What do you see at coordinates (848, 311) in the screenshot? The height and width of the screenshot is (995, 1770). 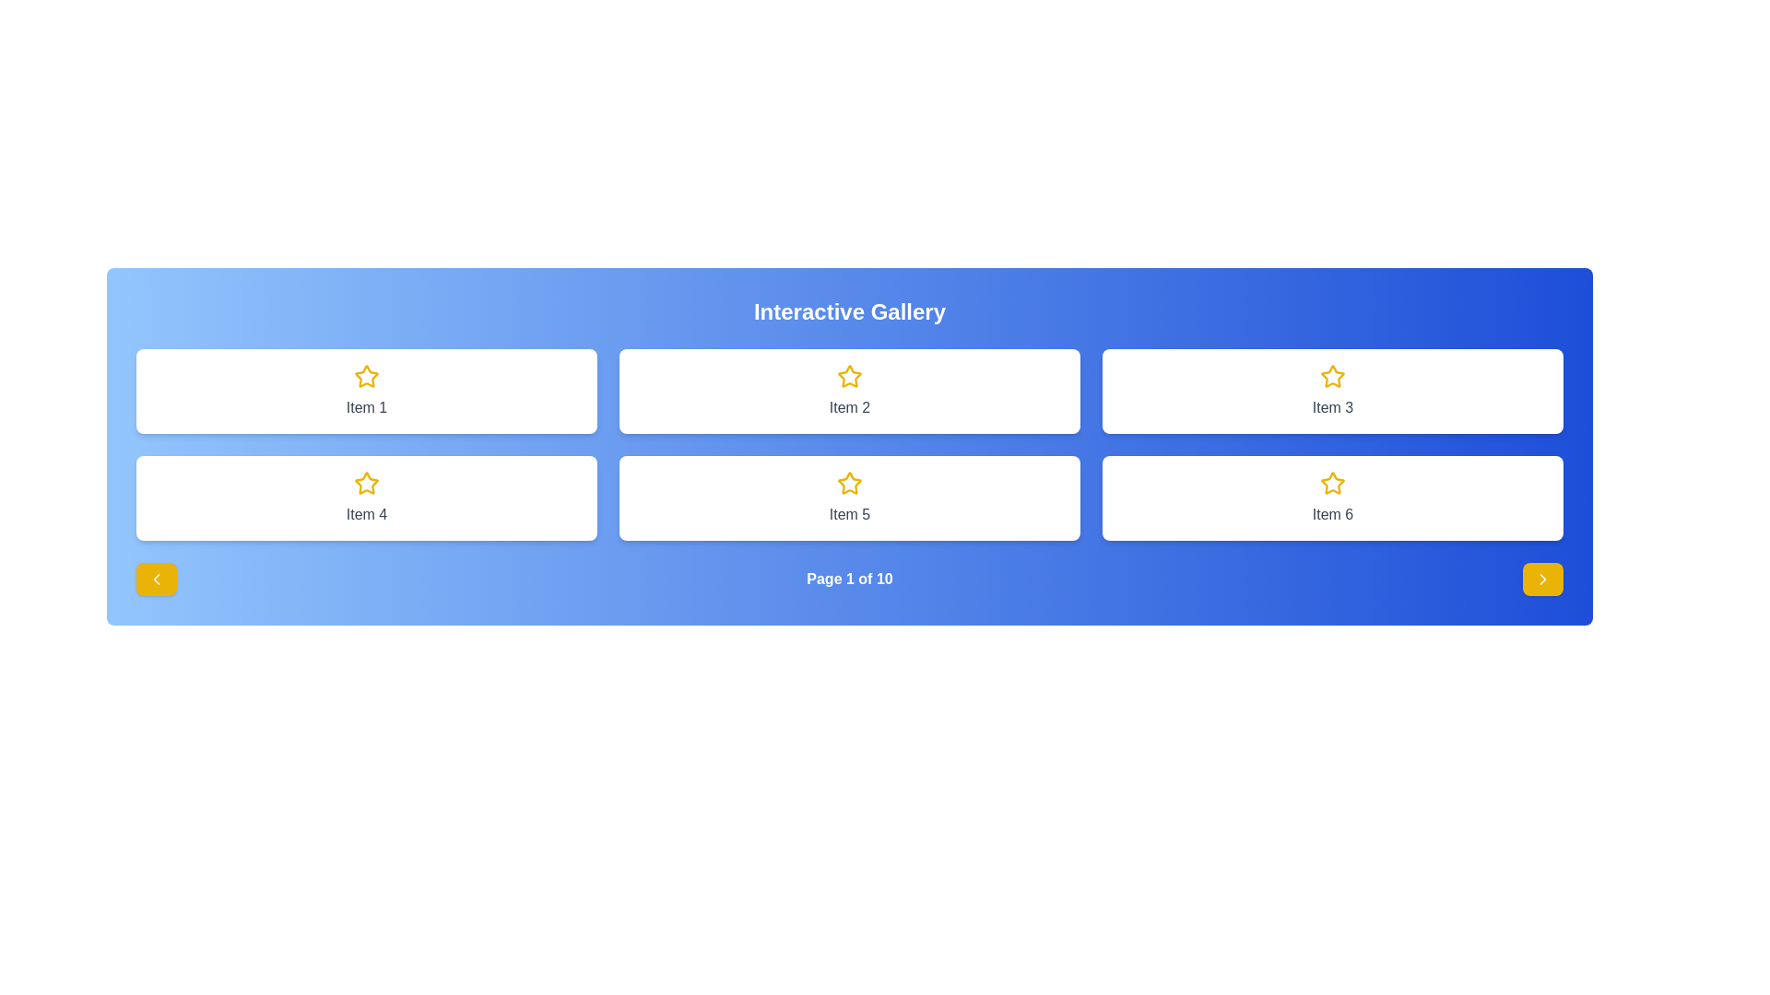 I see `the large, bold, white text label reading 'Interactive Gallery' positioned at the top center of a blue background gradient card` at bounding box center [848, 311].